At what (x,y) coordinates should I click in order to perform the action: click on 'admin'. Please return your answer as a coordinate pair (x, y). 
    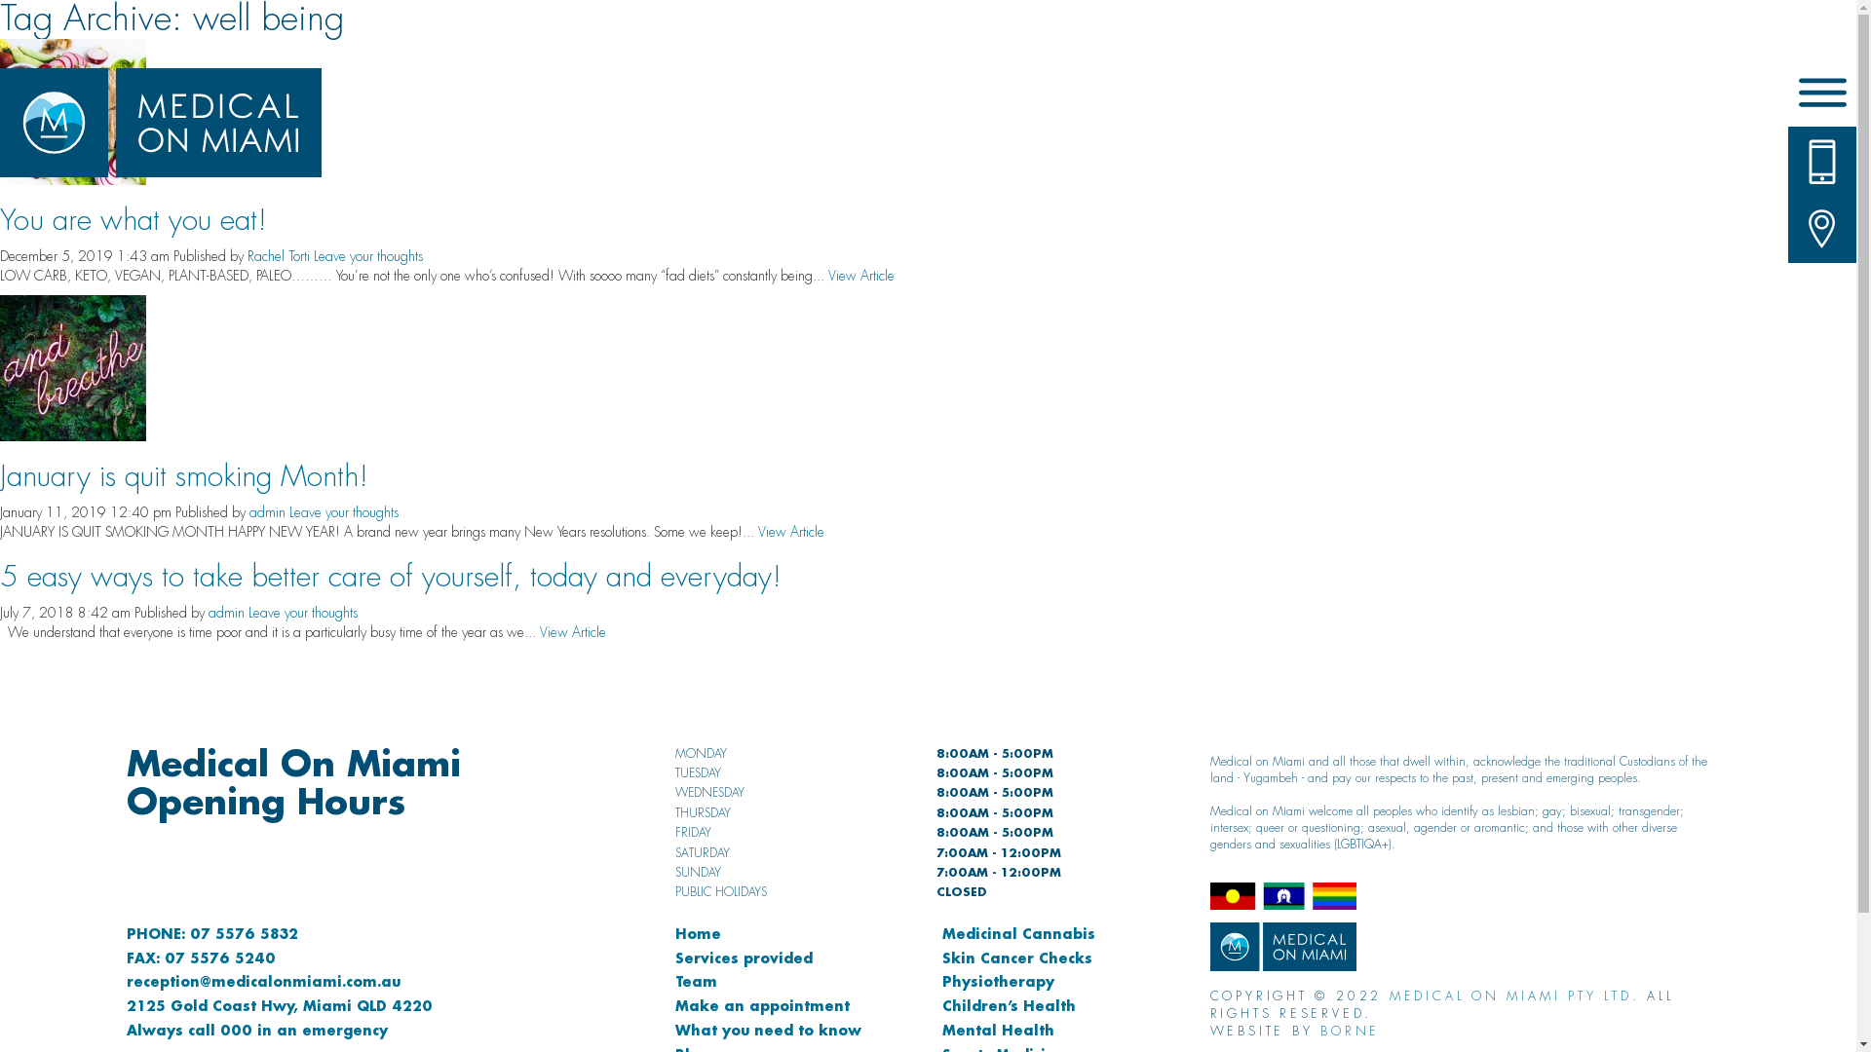
    Looking at the image, I should click on (266, 510).